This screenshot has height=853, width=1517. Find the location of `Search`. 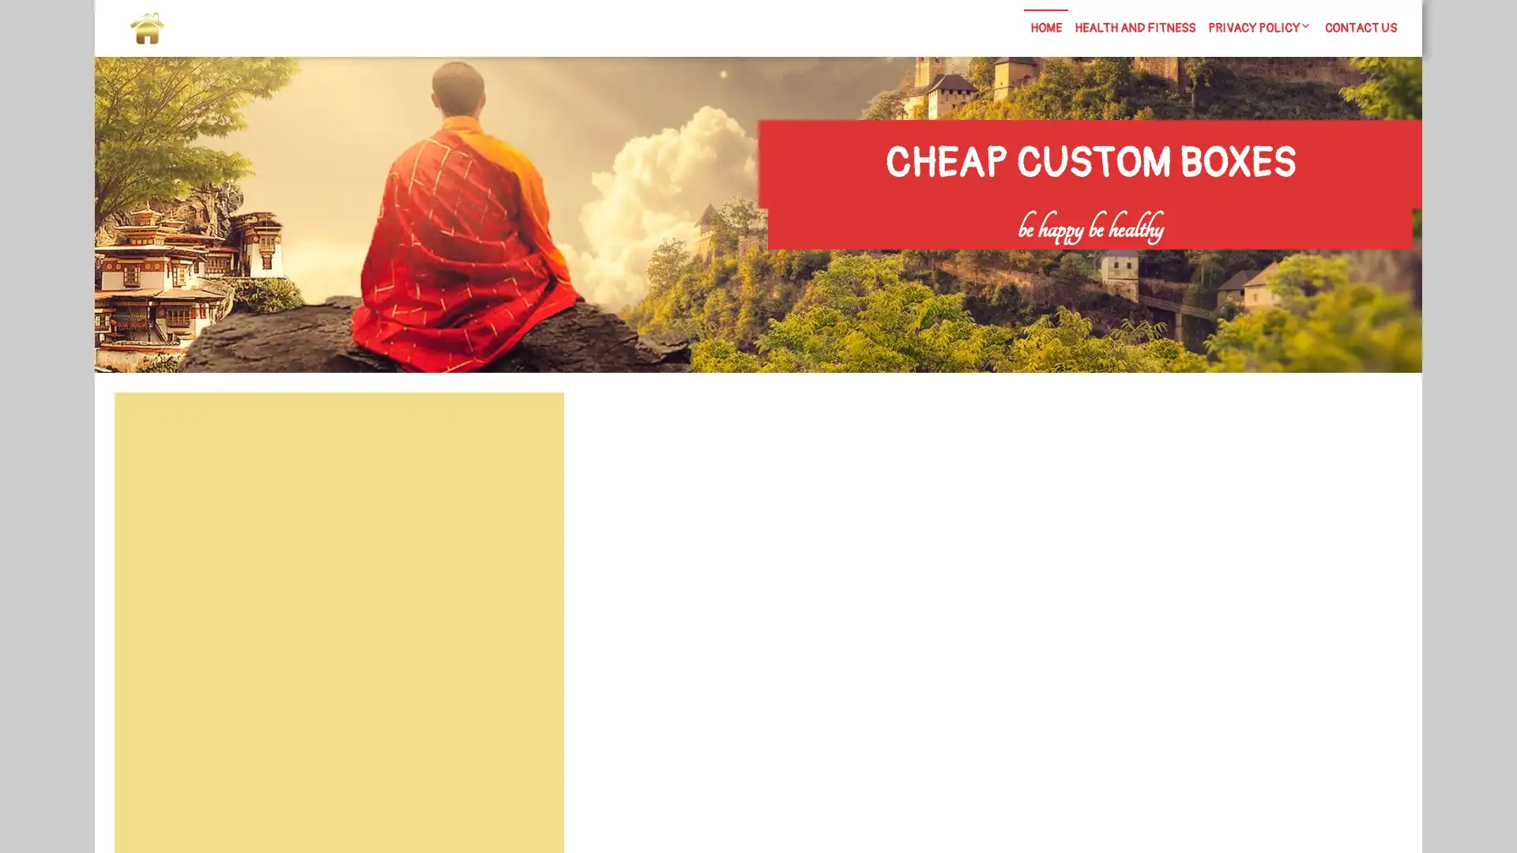

Search is located at coordinates (527, 430).